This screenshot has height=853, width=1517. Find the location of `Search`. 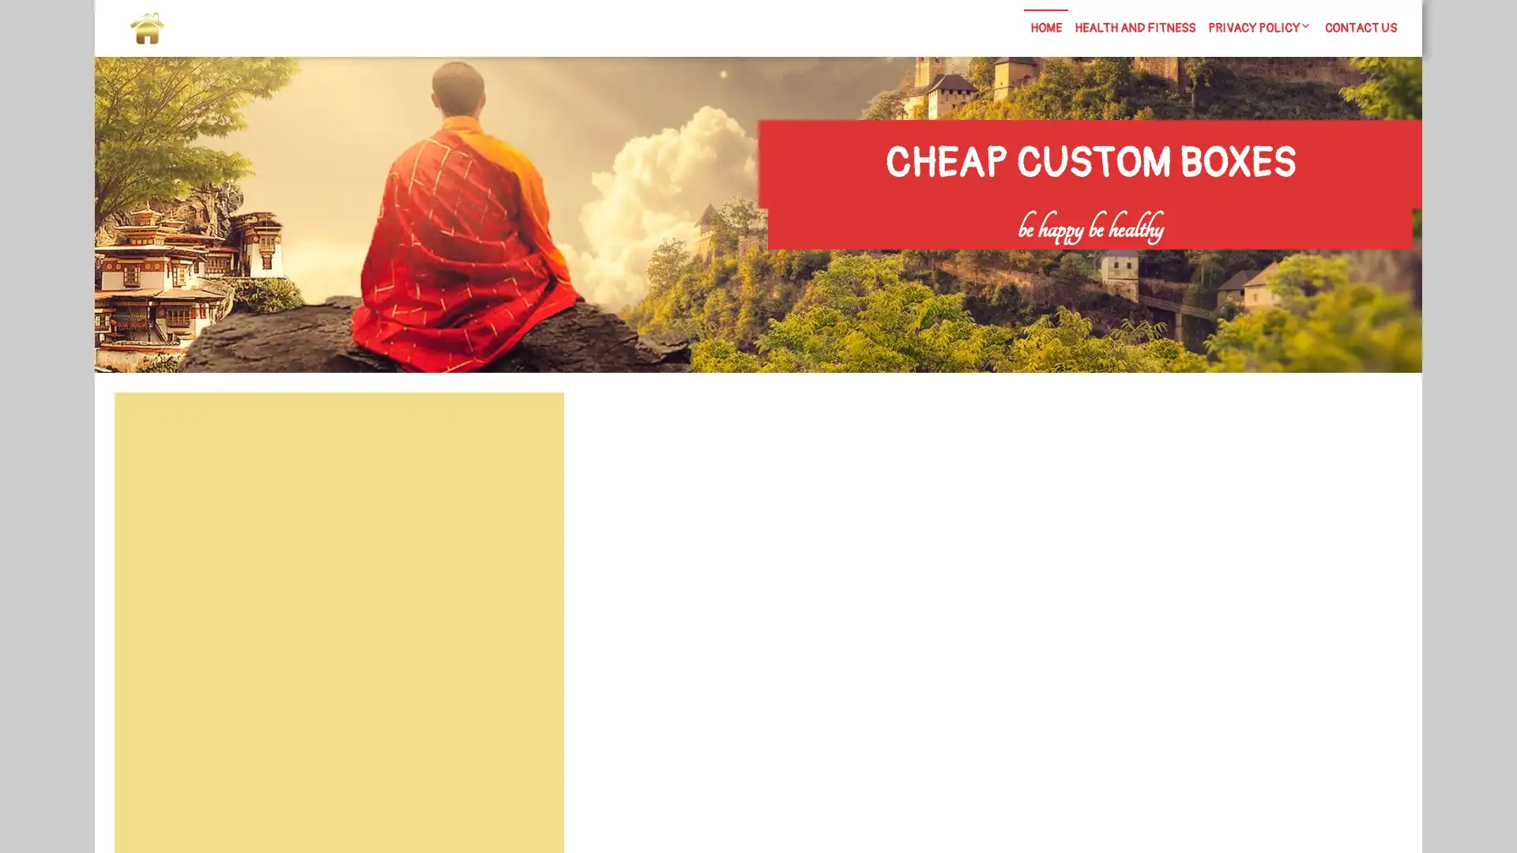

Search is located at coordinates (527, 430).